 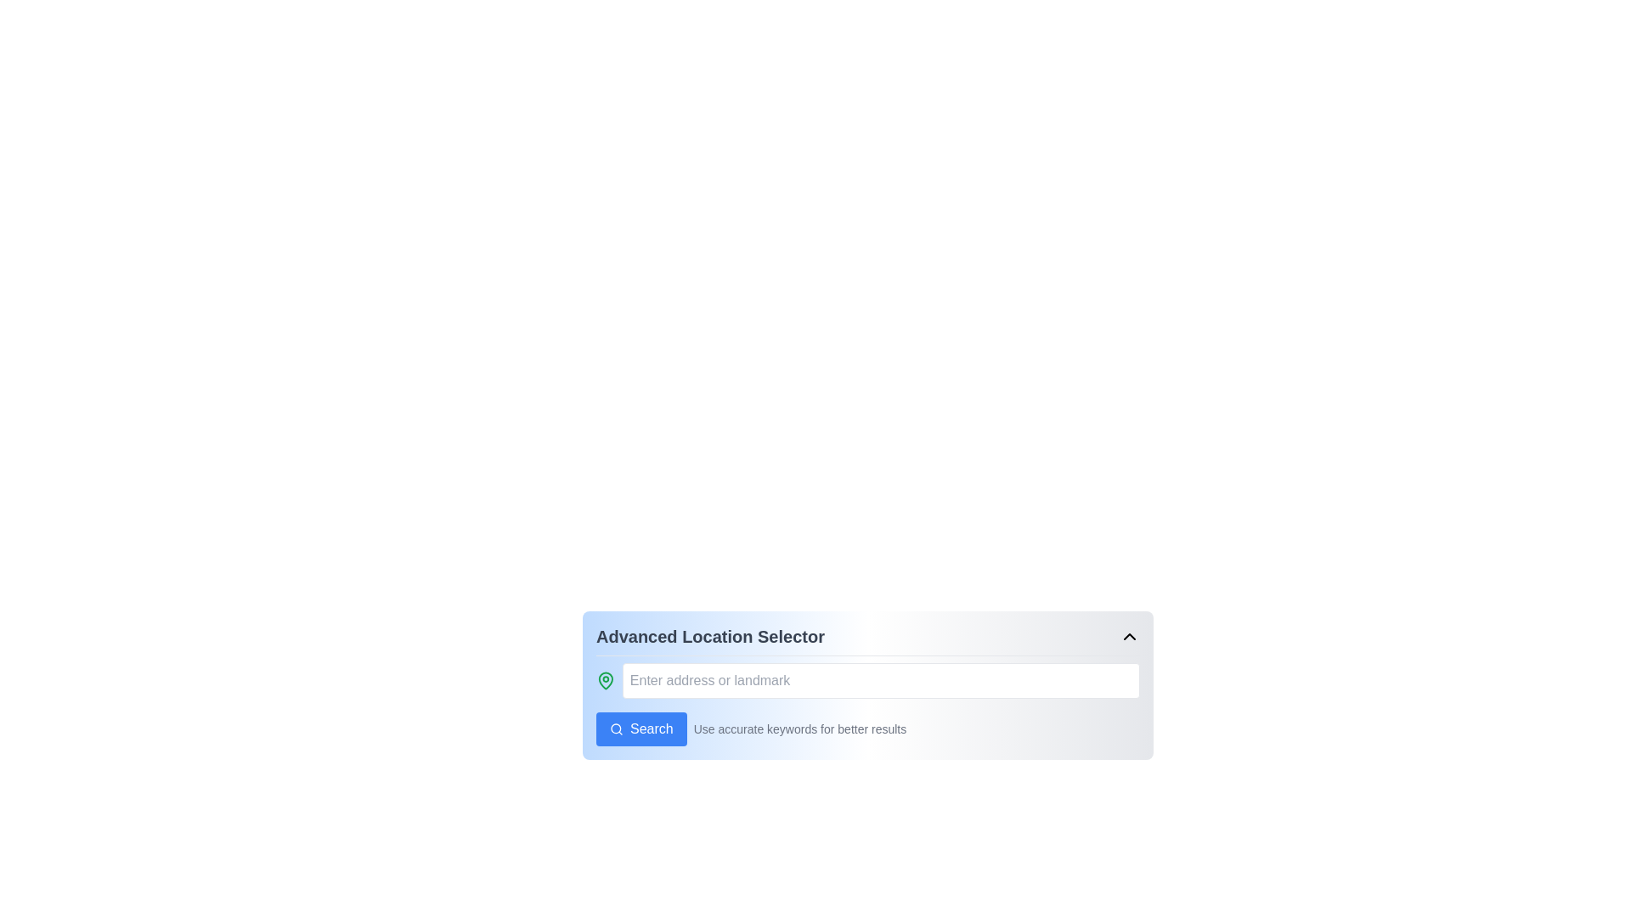 I want to click on the 'Search' button located within the 'Advanced Location Selector' component, so click(x=641, y=729).